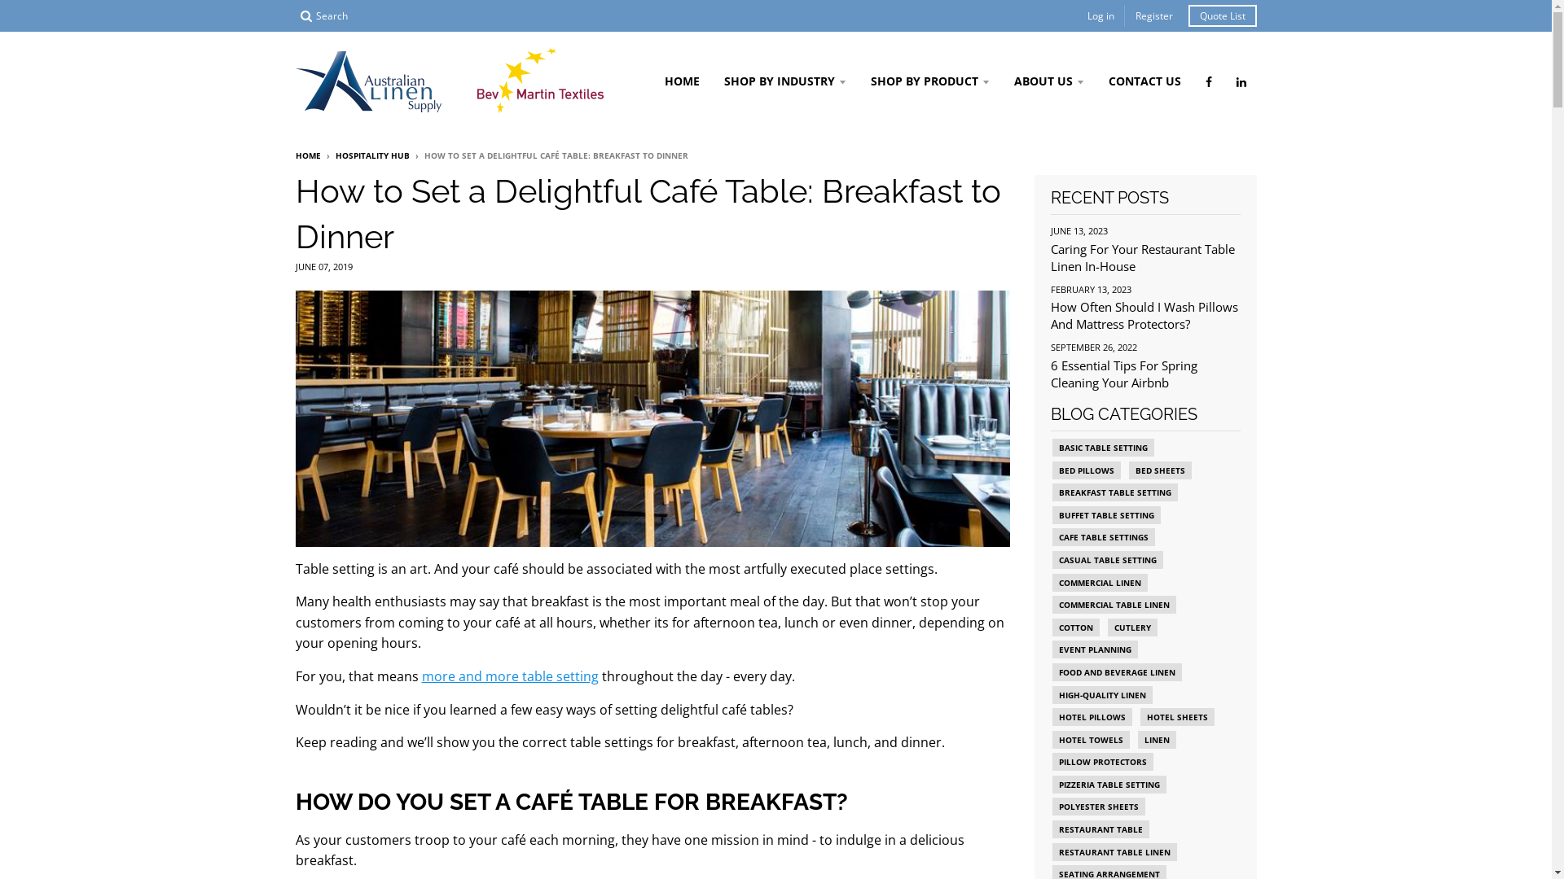 The image size is (1564, 879). I want to click on 'BASIC TABLE SETTING', so click(1103, 448).